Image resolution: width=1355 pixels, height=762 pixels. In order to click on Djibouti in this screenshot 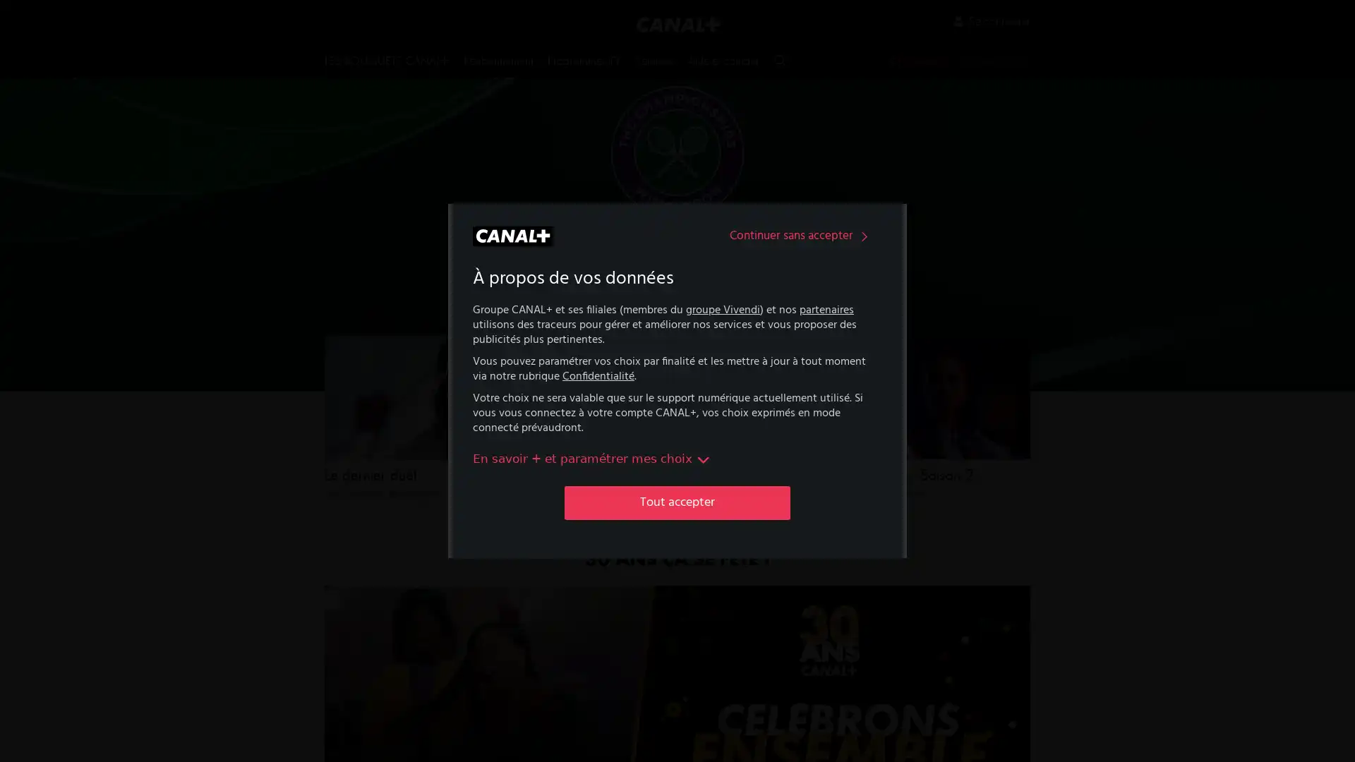, I will do `click(542, 505)`.